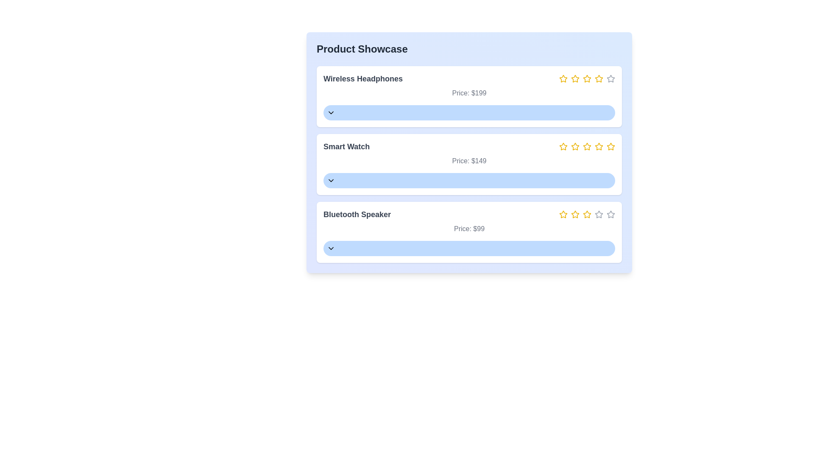 The width and height of the screenshot is (814, 458). I want to click on the fifth rating star icon for the 'Wireless Headphones' product to rate it with five stars, so click(598, 78).